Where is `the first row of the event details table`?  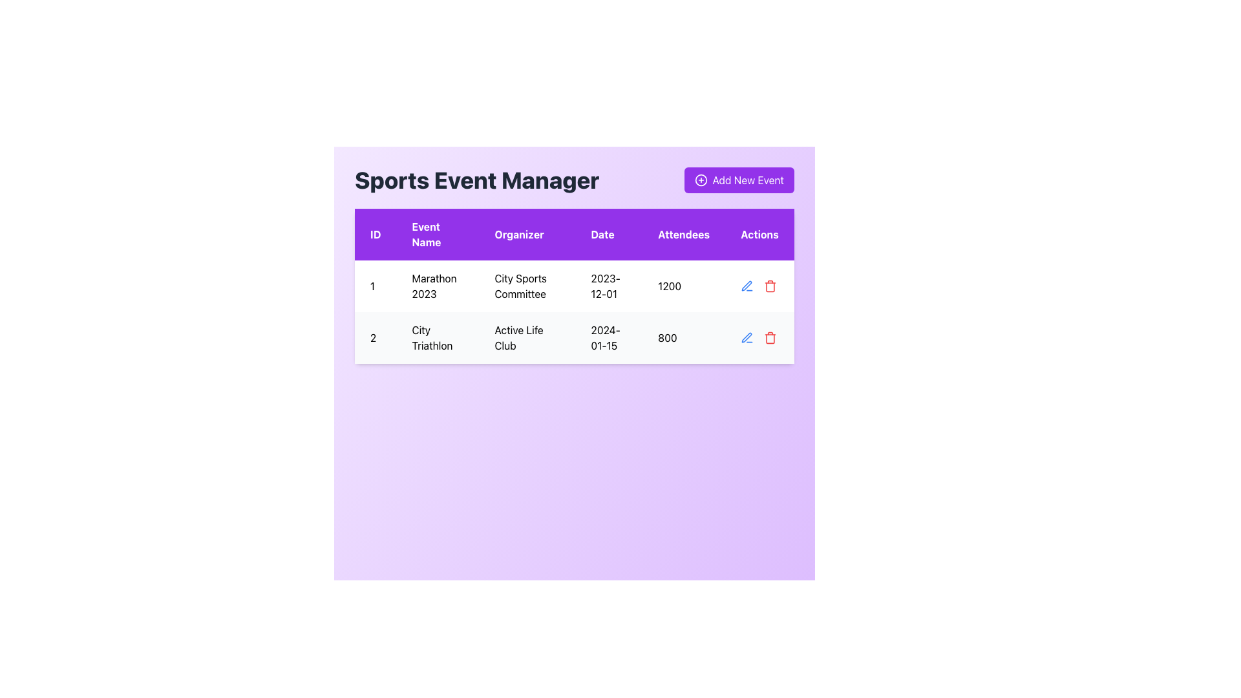
the first row of the event details table is located at coordinates (573, 286).